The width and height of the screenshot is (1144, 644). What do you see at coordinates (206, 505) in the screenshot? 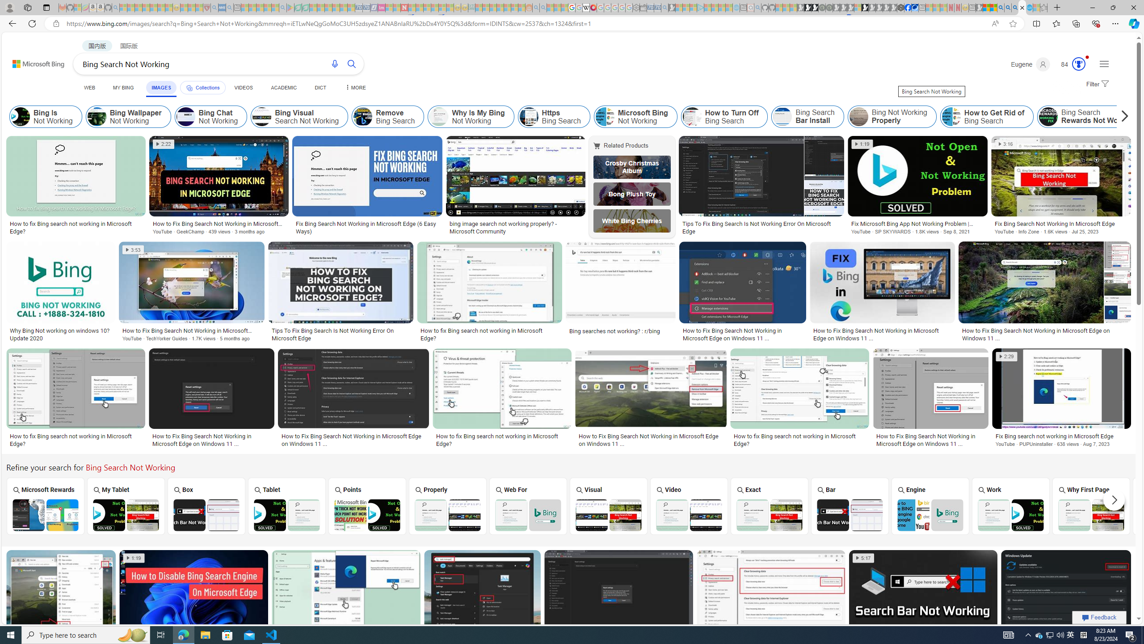
I see `'Bing Search Box Not Working Box'` at bounding box center [206, 505].